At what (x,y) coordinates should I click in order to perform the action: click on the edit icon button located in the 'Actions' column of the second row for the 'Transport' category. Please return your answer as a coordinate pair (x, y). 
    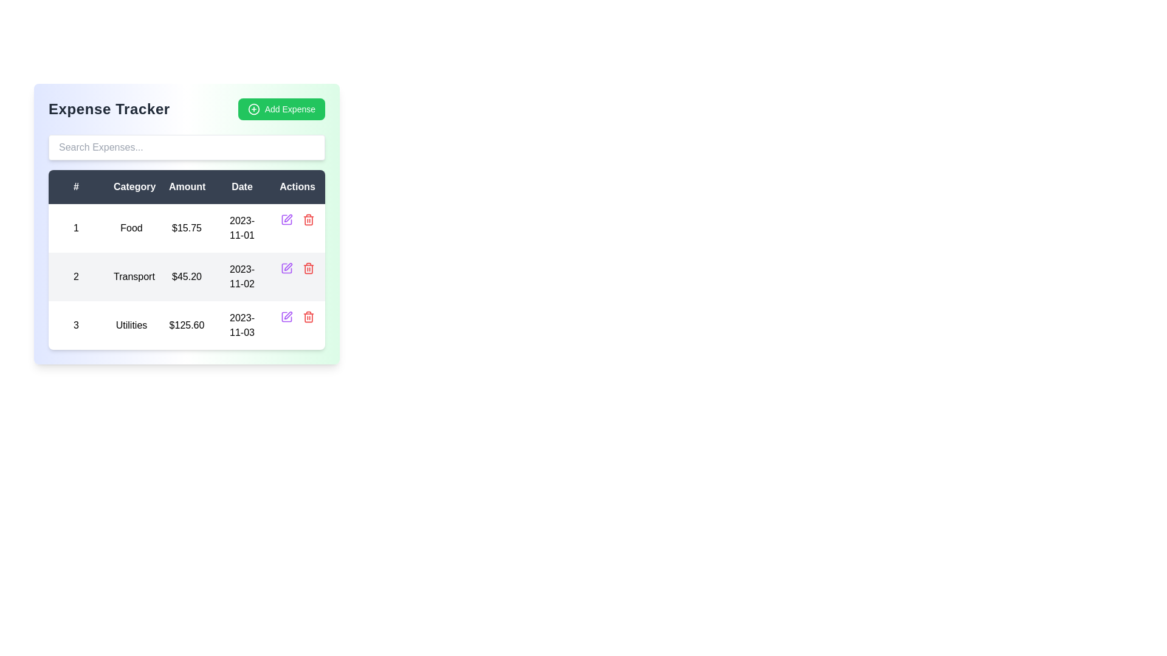
    Looking at the image, I should click on (287, 266).